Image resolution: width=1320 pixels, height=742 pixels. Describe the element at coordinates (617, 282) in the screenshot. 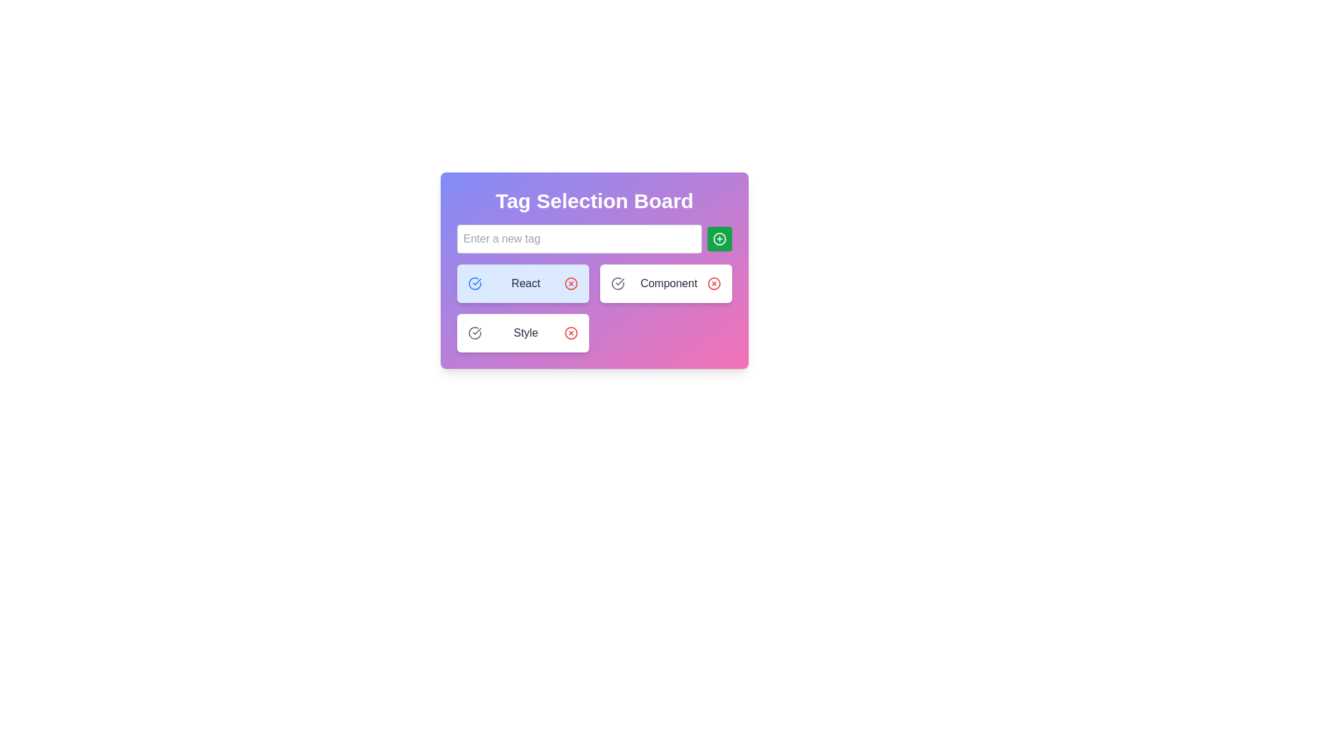

I see `the interactive toggle or selection icon located to the left of the 'Component' label` at that location.